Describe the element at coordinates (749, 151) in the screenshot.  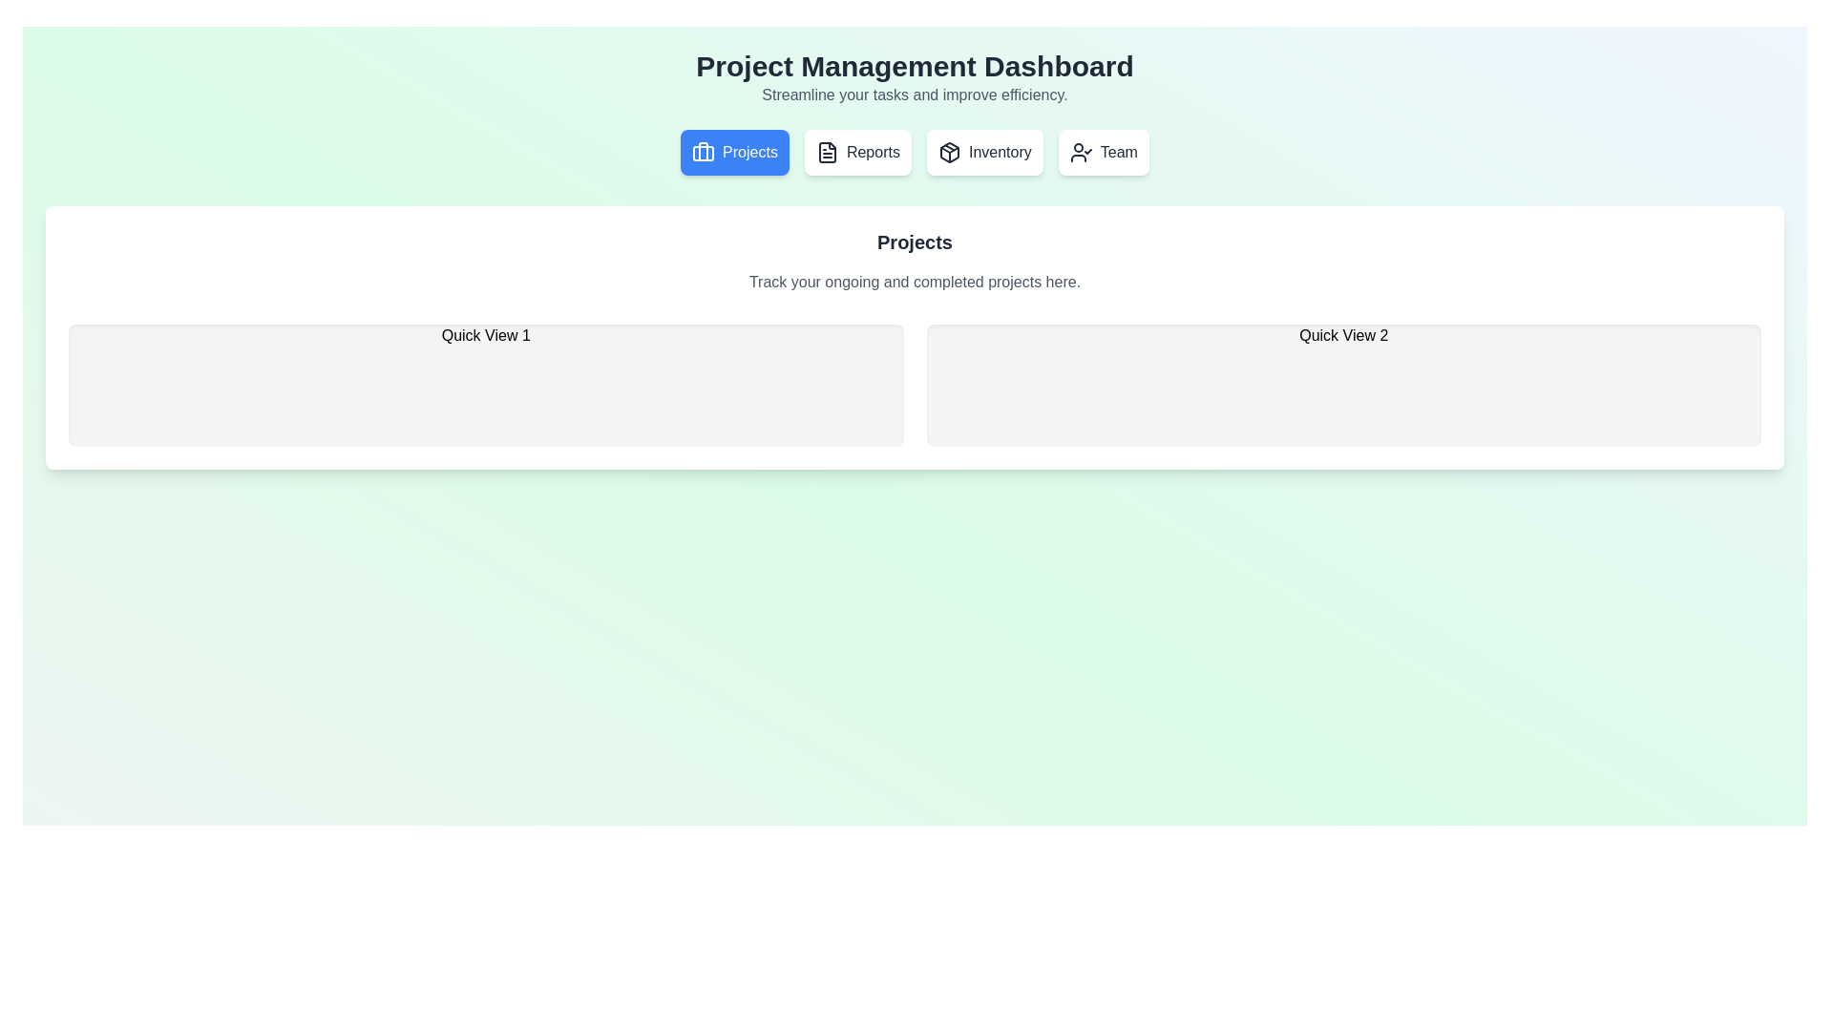
I see `the 'Projects' button in the navigation menu, which is prominently displayed in white on a blue rounded background` at that location.